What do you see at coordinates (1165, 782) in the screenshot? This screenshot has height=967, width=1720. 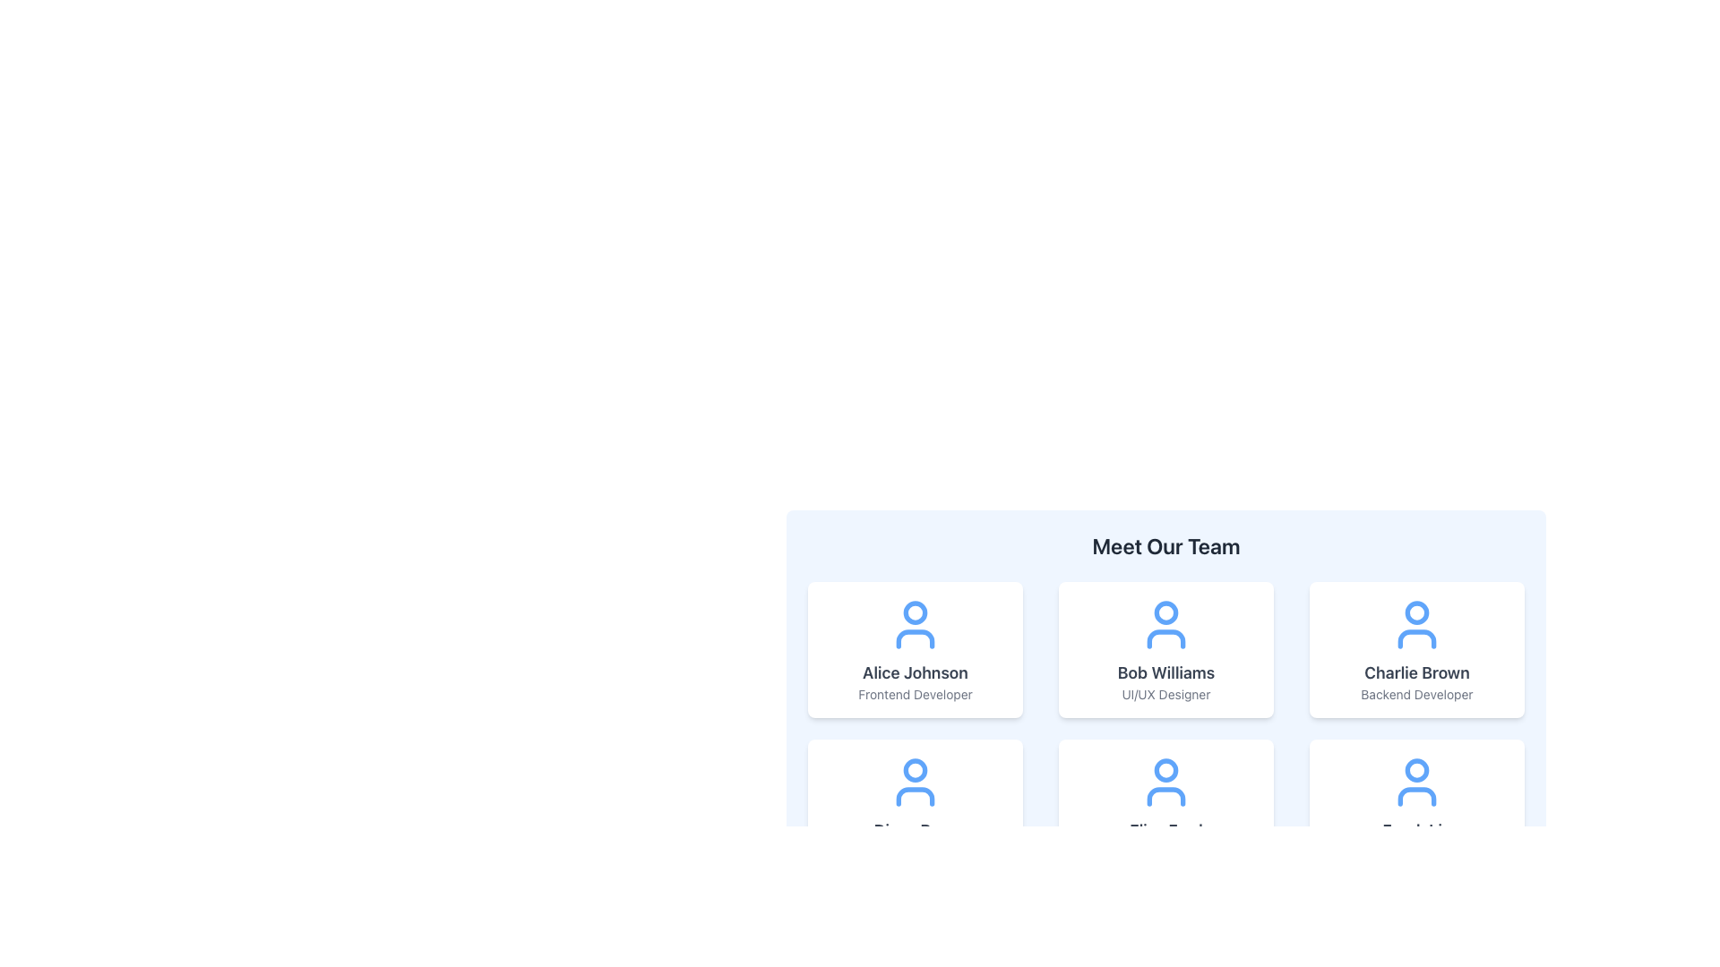 I see `the user icon with a bold blue stroke and white interior, located above the name 'Eliza Ford' and designation 'Project Manager' in the central card of the 'Meet Our Team' section` at bounding box center [1165, 782].